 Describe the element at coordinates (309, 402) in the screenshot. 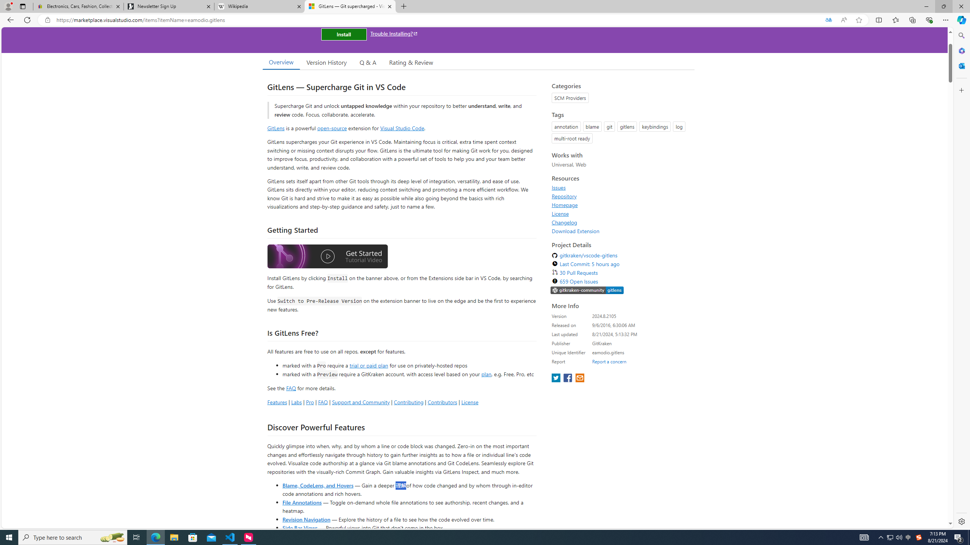

I see `'Pro'` at that location.